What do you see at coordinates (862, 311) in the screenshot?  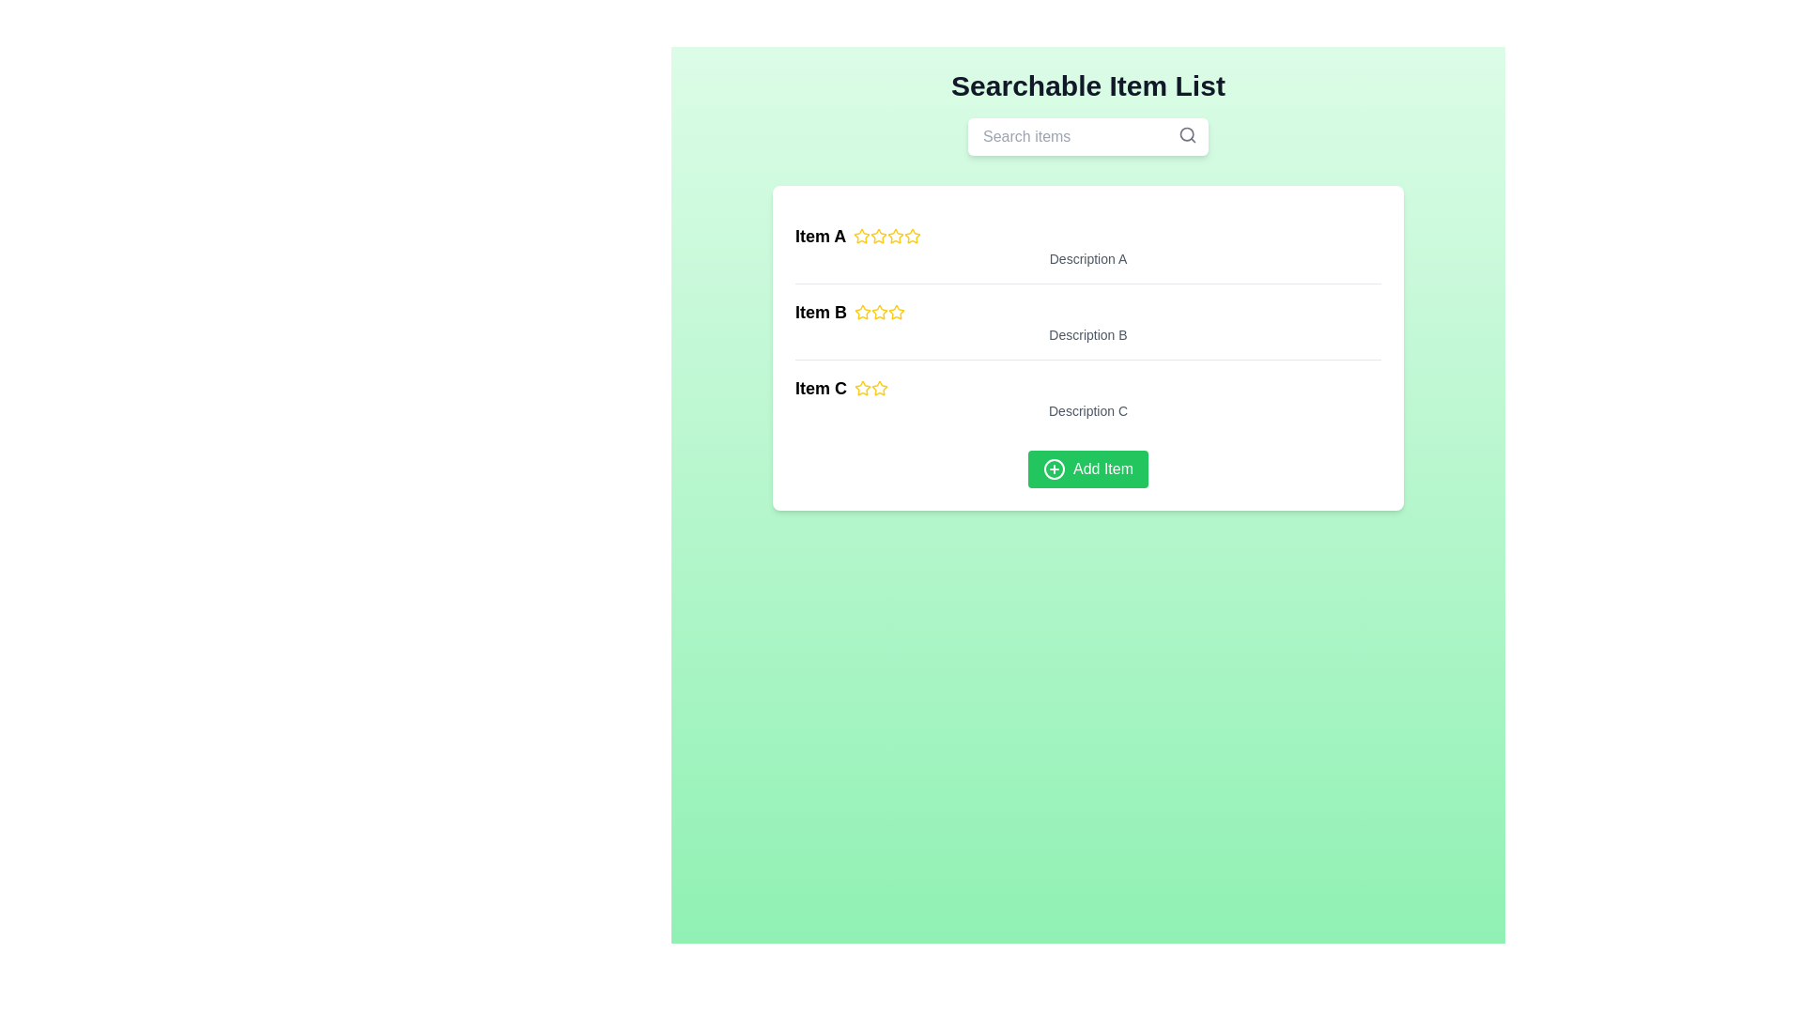 I see `the first star graphic in the rating system for 'Item B' as part of a keyboard-accessible sequence` at bounding box center [862, 311].